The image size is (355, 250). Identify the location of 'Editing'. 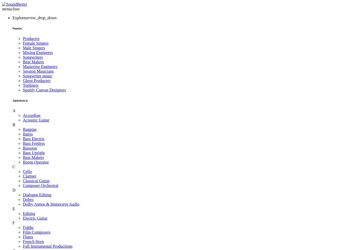
(29, 213).